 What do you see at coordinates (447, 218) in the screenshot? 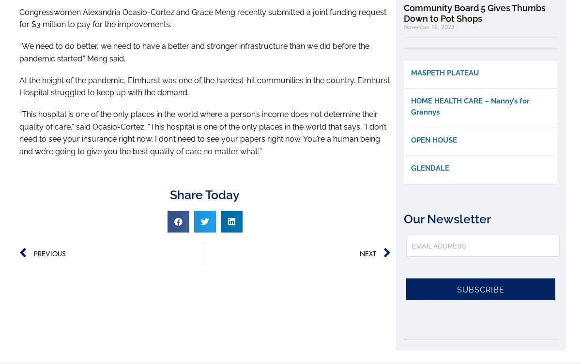
I see `'Our Newsletter'` at bounding box center [447, 218].